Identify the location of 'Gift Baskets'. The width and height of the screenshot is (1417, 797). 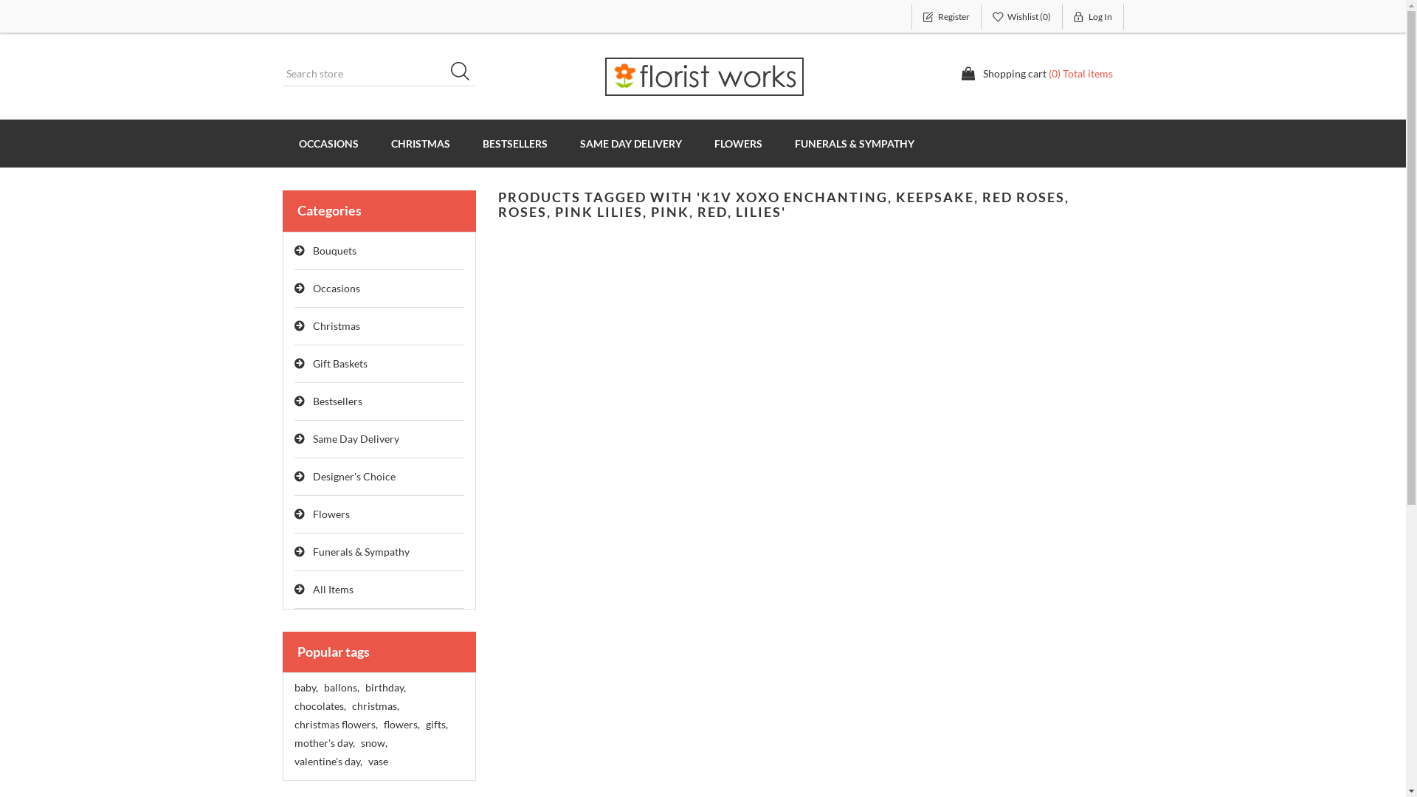
(379, 364).